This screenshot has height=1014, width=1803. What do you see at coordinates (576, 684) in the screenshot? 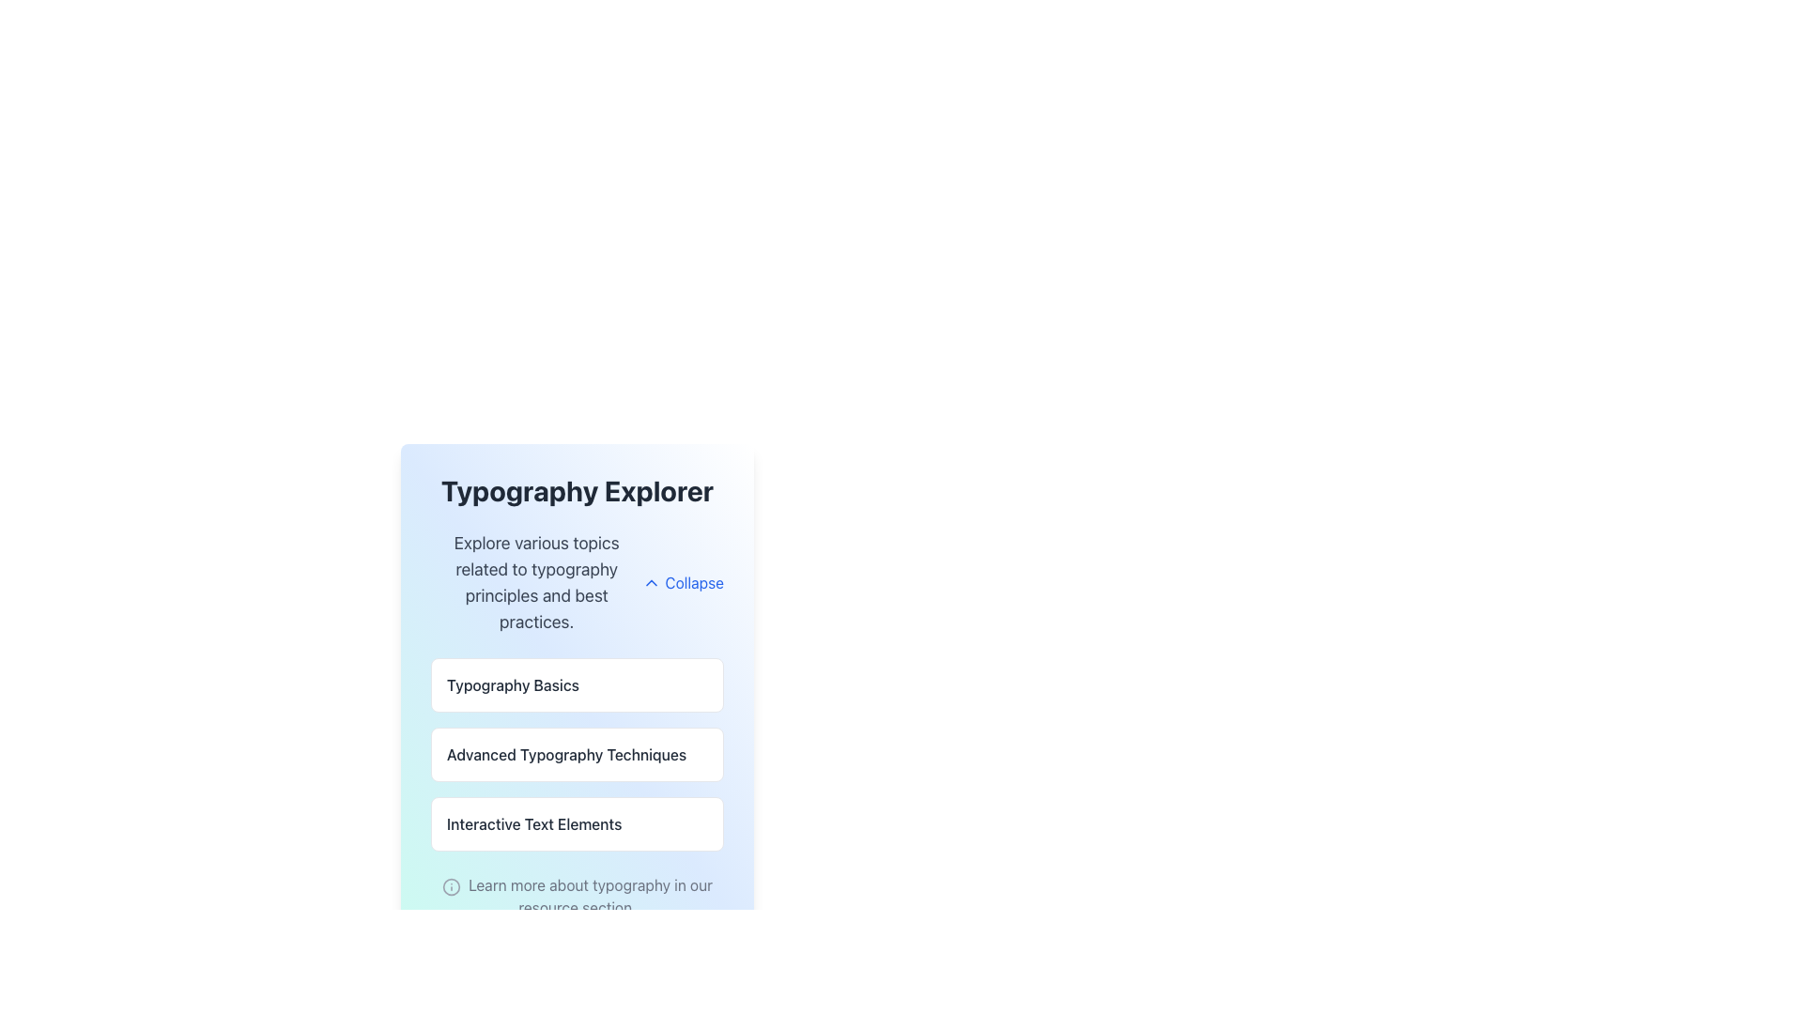
I see `the first selectable option in the 'Typography Explorer' section` at bounding box center [576, 684].